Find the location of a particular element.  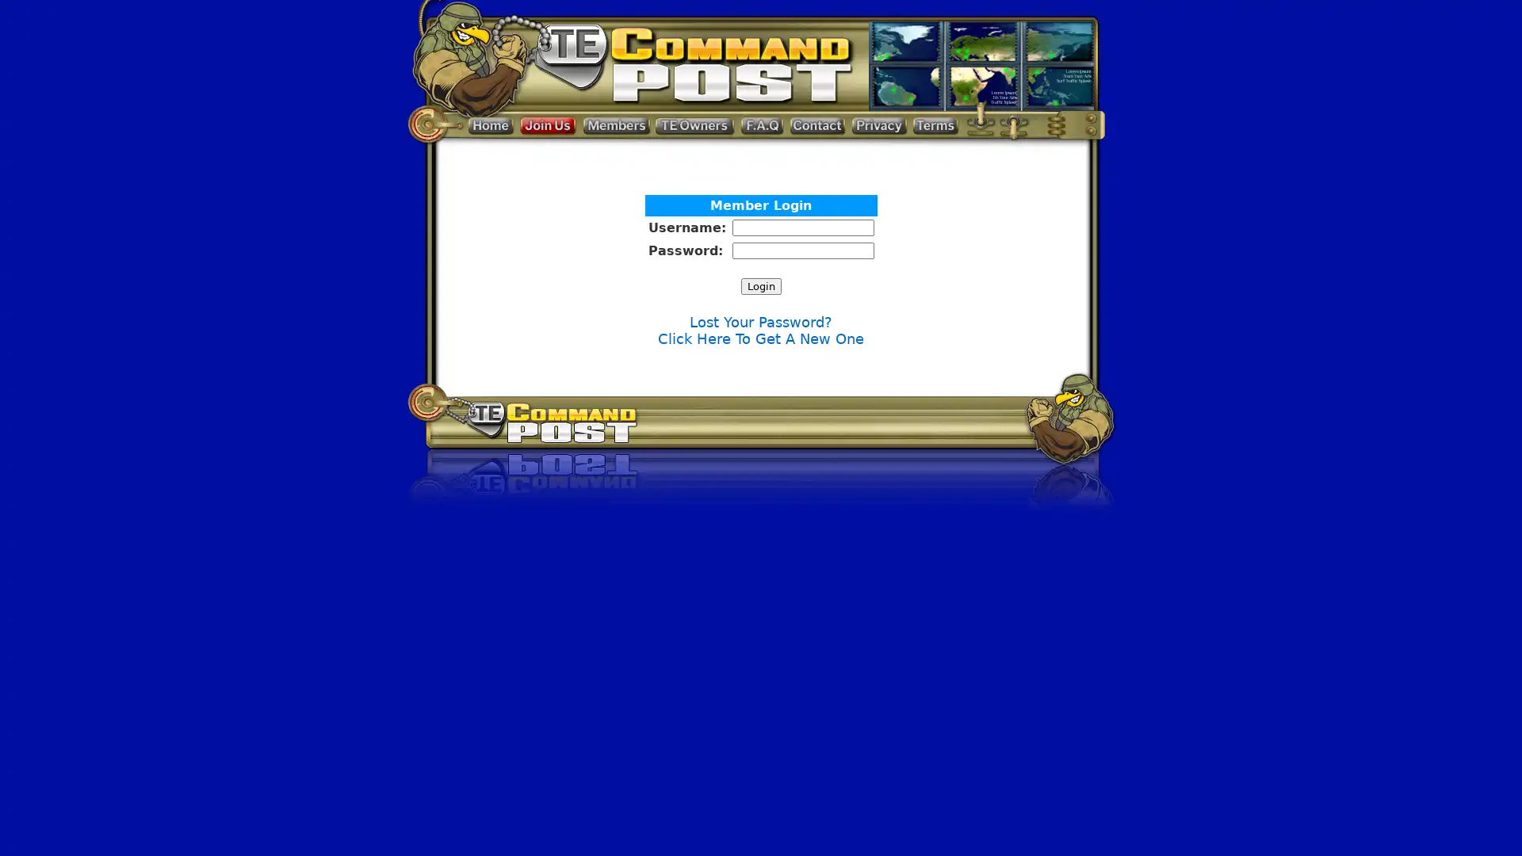

Login is located at coordinates (759, 286).